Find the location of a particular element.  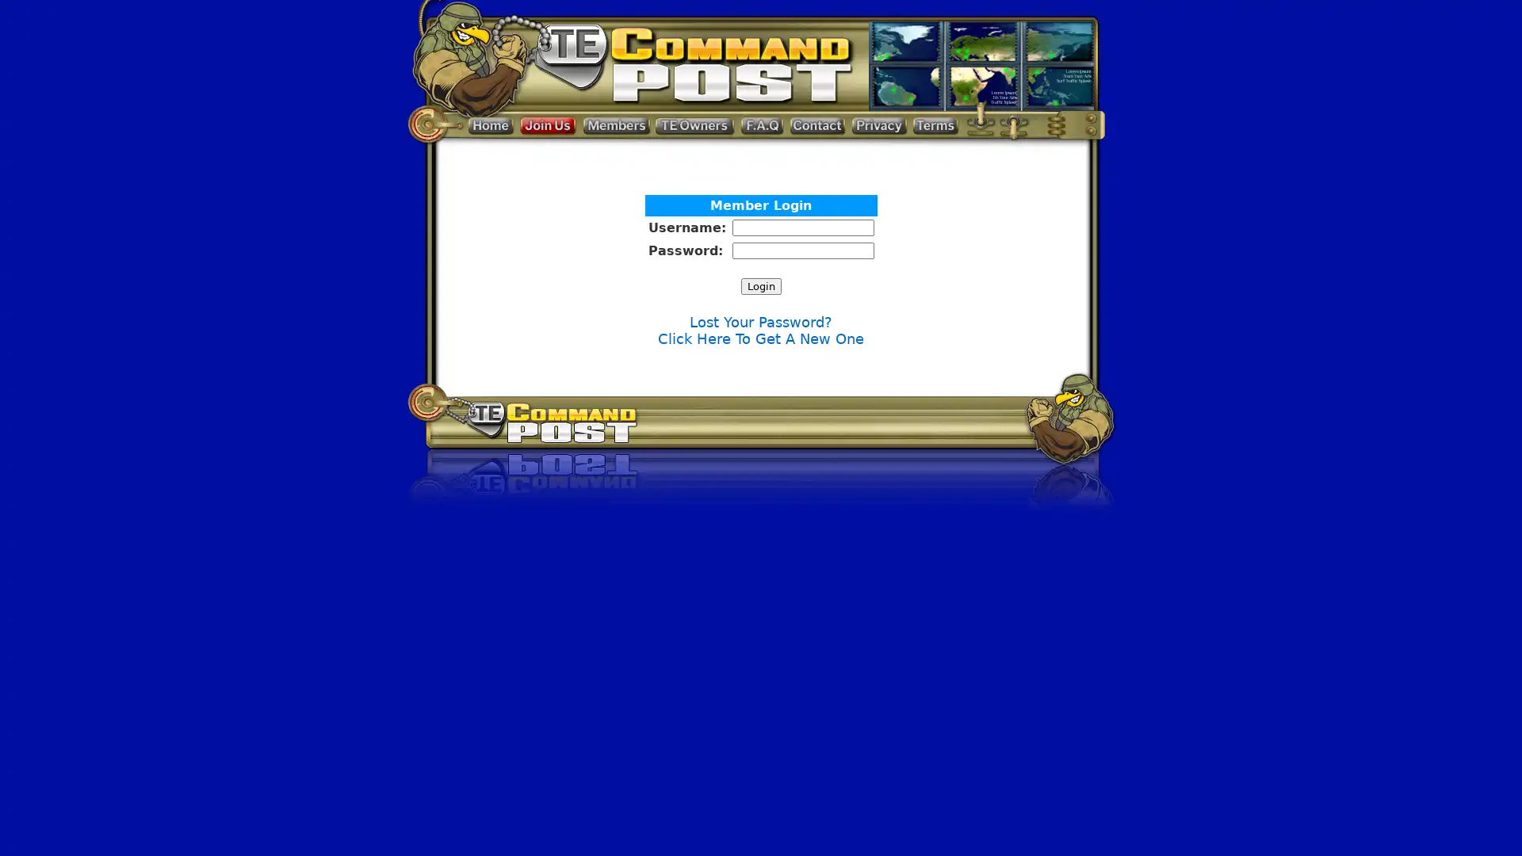

Login is located at coordinates (759, 286).